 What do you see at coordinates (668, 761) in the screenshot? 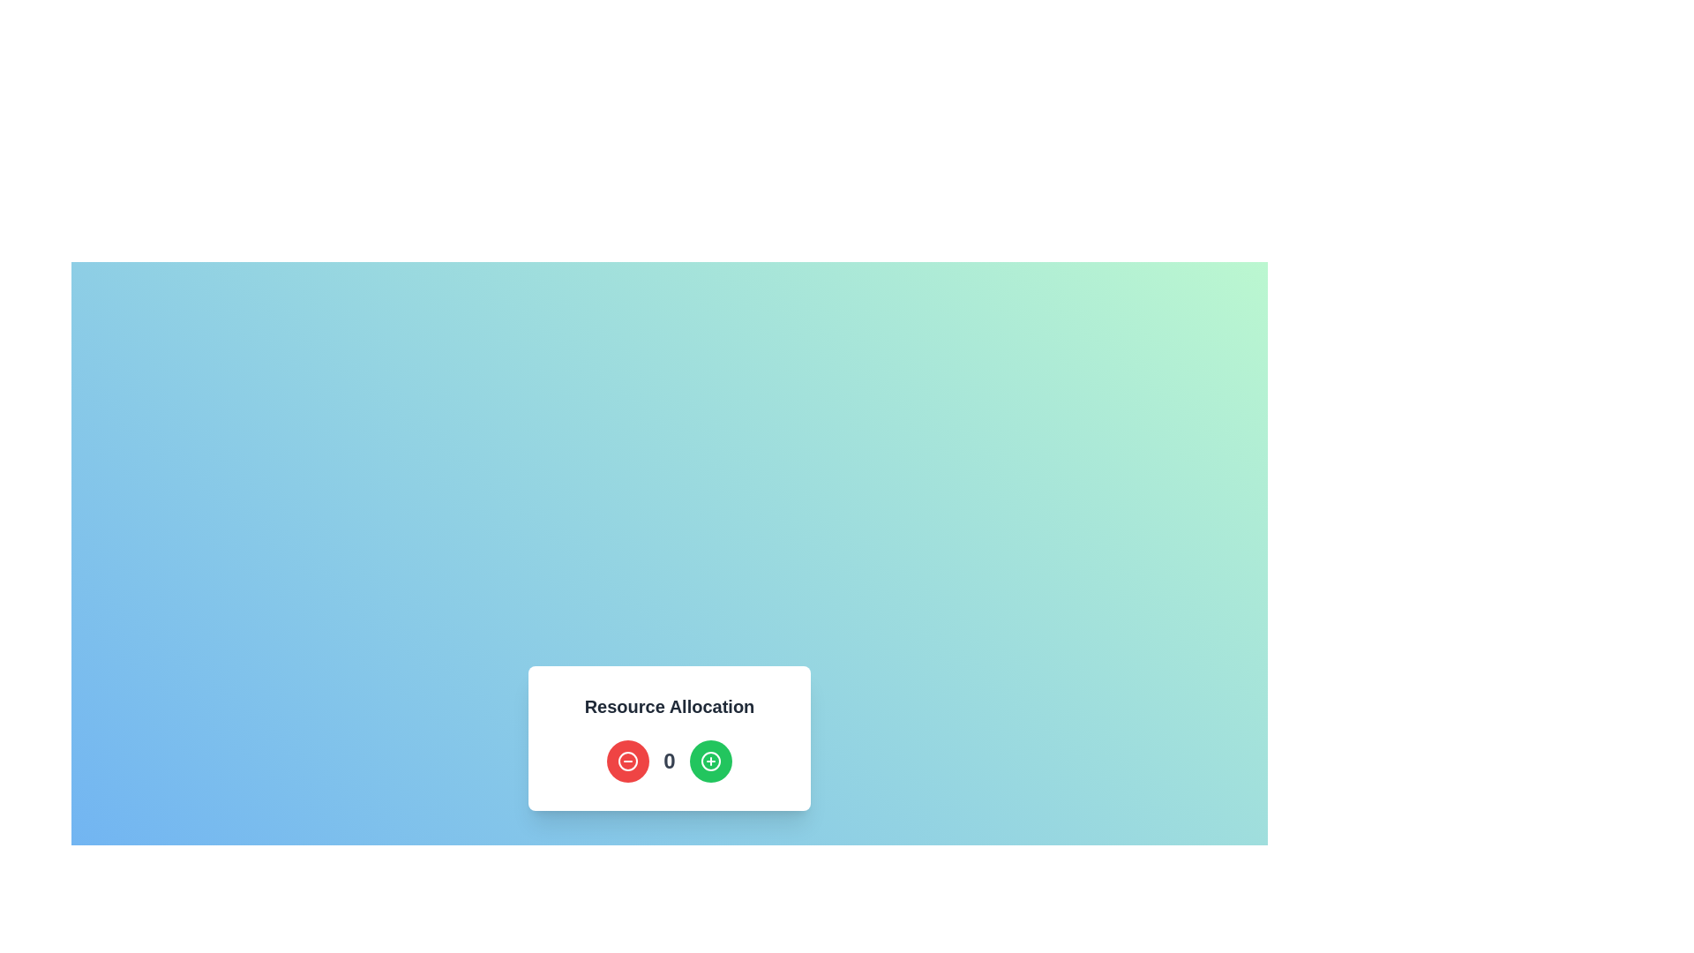
I see `the static text or numeric display that is centrally located between a red circular button on the left and a green circular button on the right` at bounding box center [668, 761].